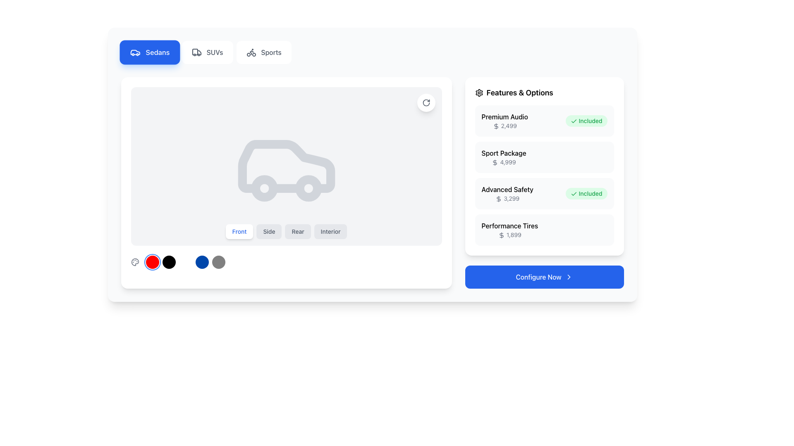  I want to click on the reset button located in the top-right corner of the gray area depicting a car illustration to restore the car view or configuration to its default state, so click(426, 102).